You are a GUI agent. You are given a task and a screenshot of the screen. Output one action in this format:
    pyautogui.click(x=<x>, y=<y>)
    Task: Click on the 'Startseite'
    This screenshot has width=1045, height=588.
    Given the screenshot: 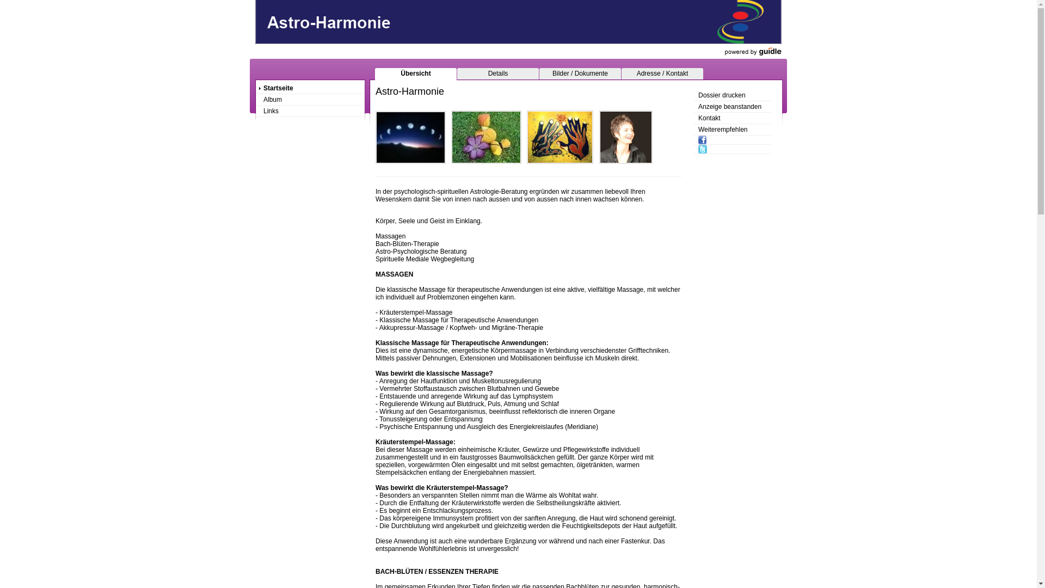 What is the action you would take?
    pyautogui.click(x=255, y=88)
    